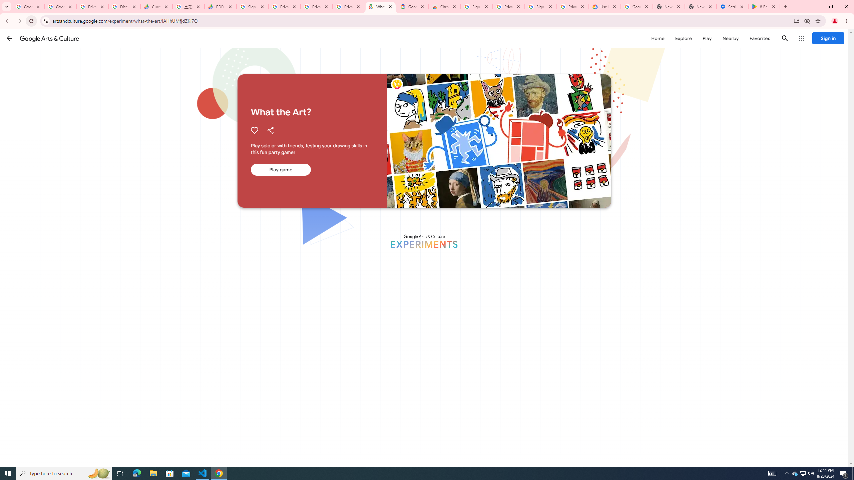 The image size is (854, 480). Describe the element at coordinates (444, 6) in the screenshot. I see `'Chrome Web Store - Color themes by Chrome'` at that location.